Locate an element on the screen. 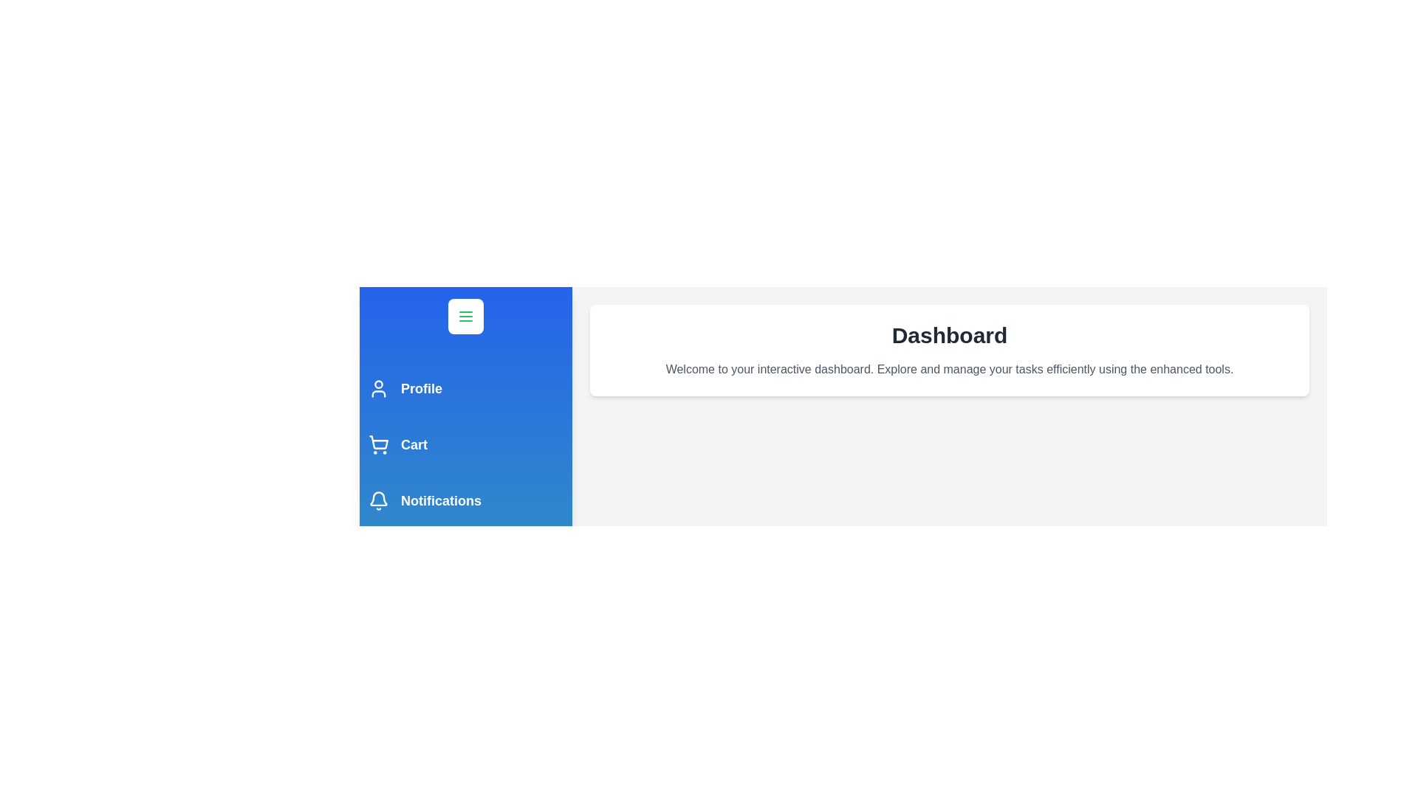  the navigation item Notifications to navigate to the respective section is located at coordinates (465, 500).